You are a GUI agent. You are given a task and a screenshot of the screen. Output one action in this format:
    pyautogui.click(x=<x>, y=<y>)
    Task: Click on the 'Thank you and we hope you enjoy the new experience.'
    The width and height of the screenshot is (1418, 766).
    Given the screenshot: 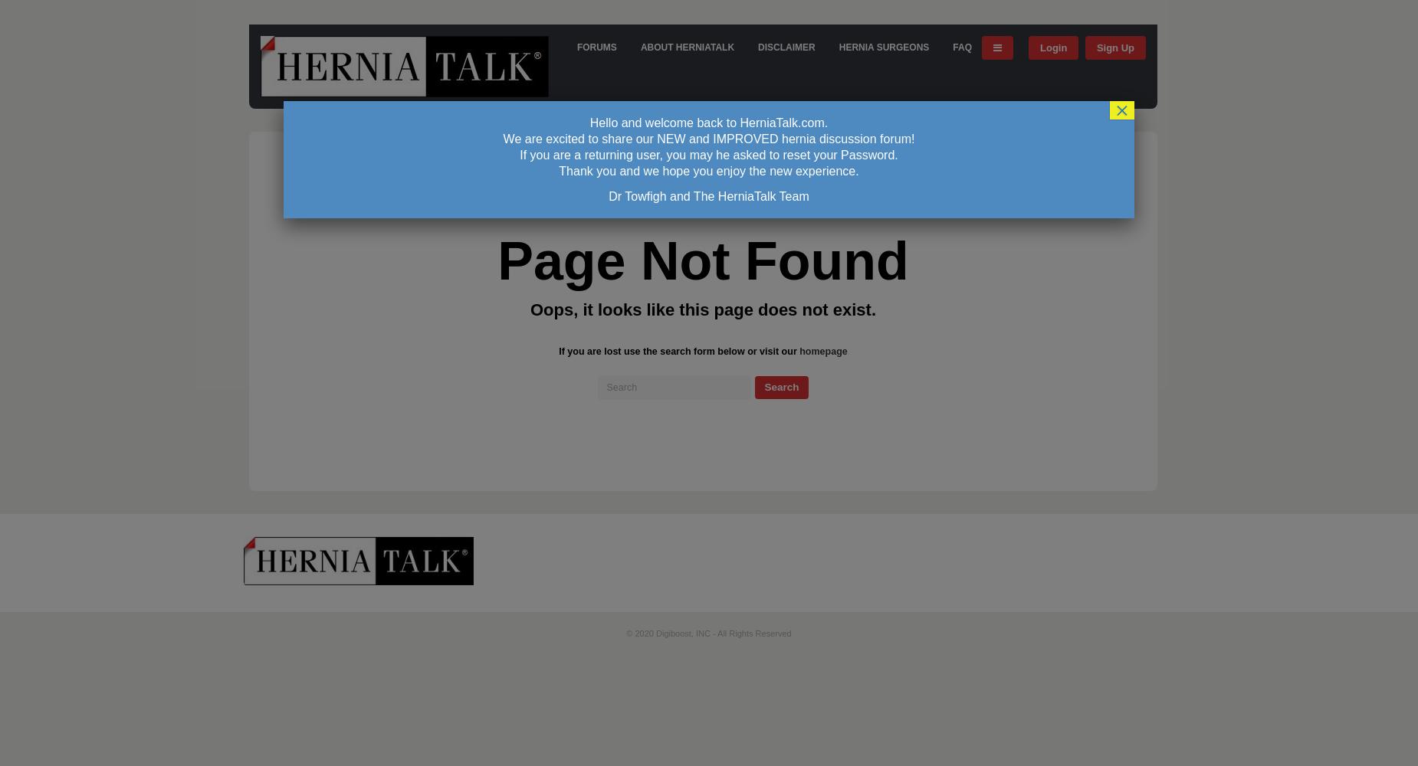 What is the action you would take?
    pyautogui.click(x=708, y=170)
    